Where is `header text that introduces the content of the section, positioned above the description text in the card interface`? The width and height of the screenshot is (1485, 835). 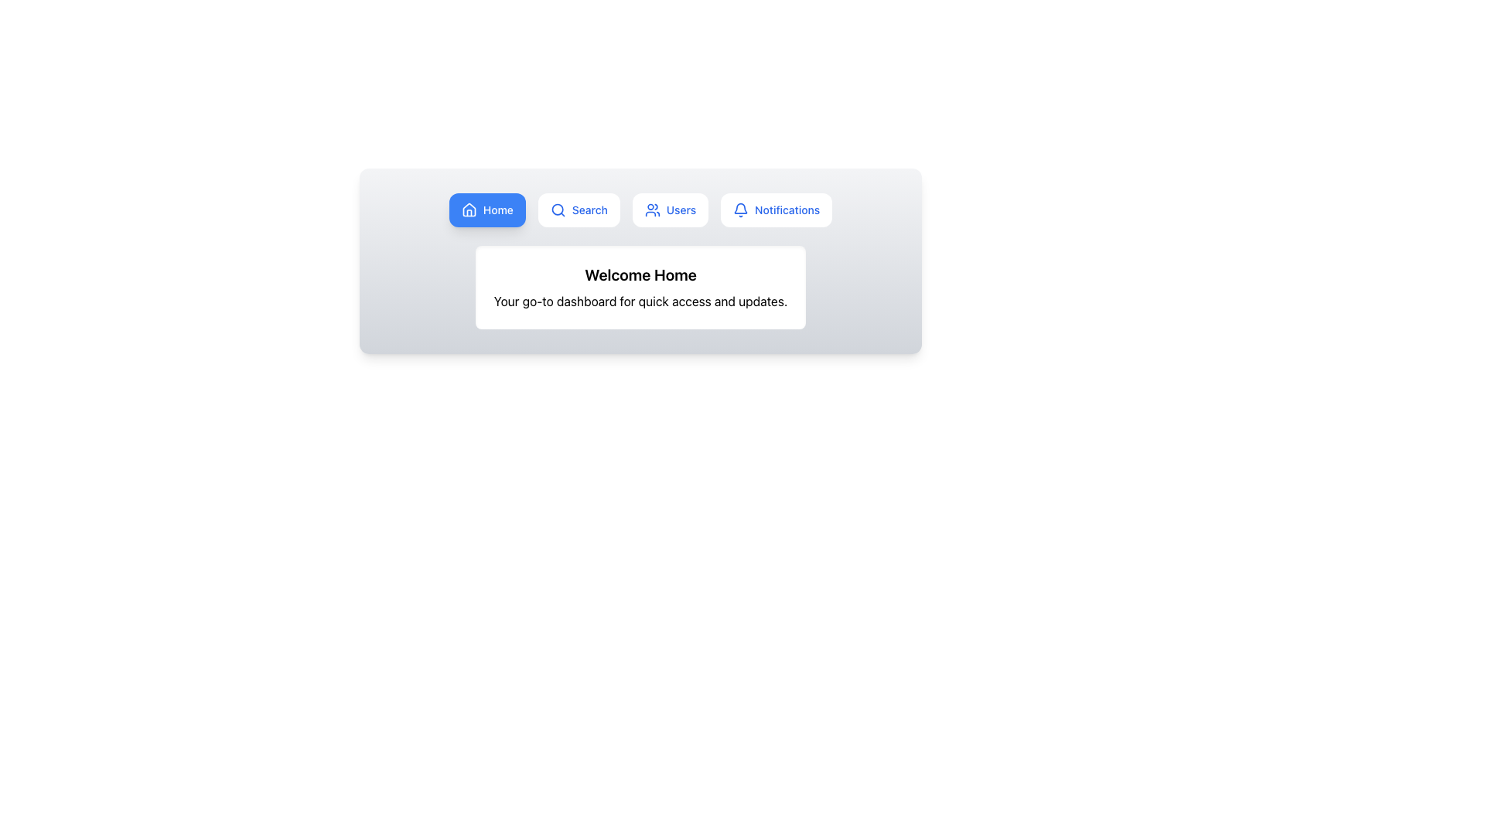 header text that introduces the content of the section, positioned above the description text in the card interface is located at coordinates (640, 274).